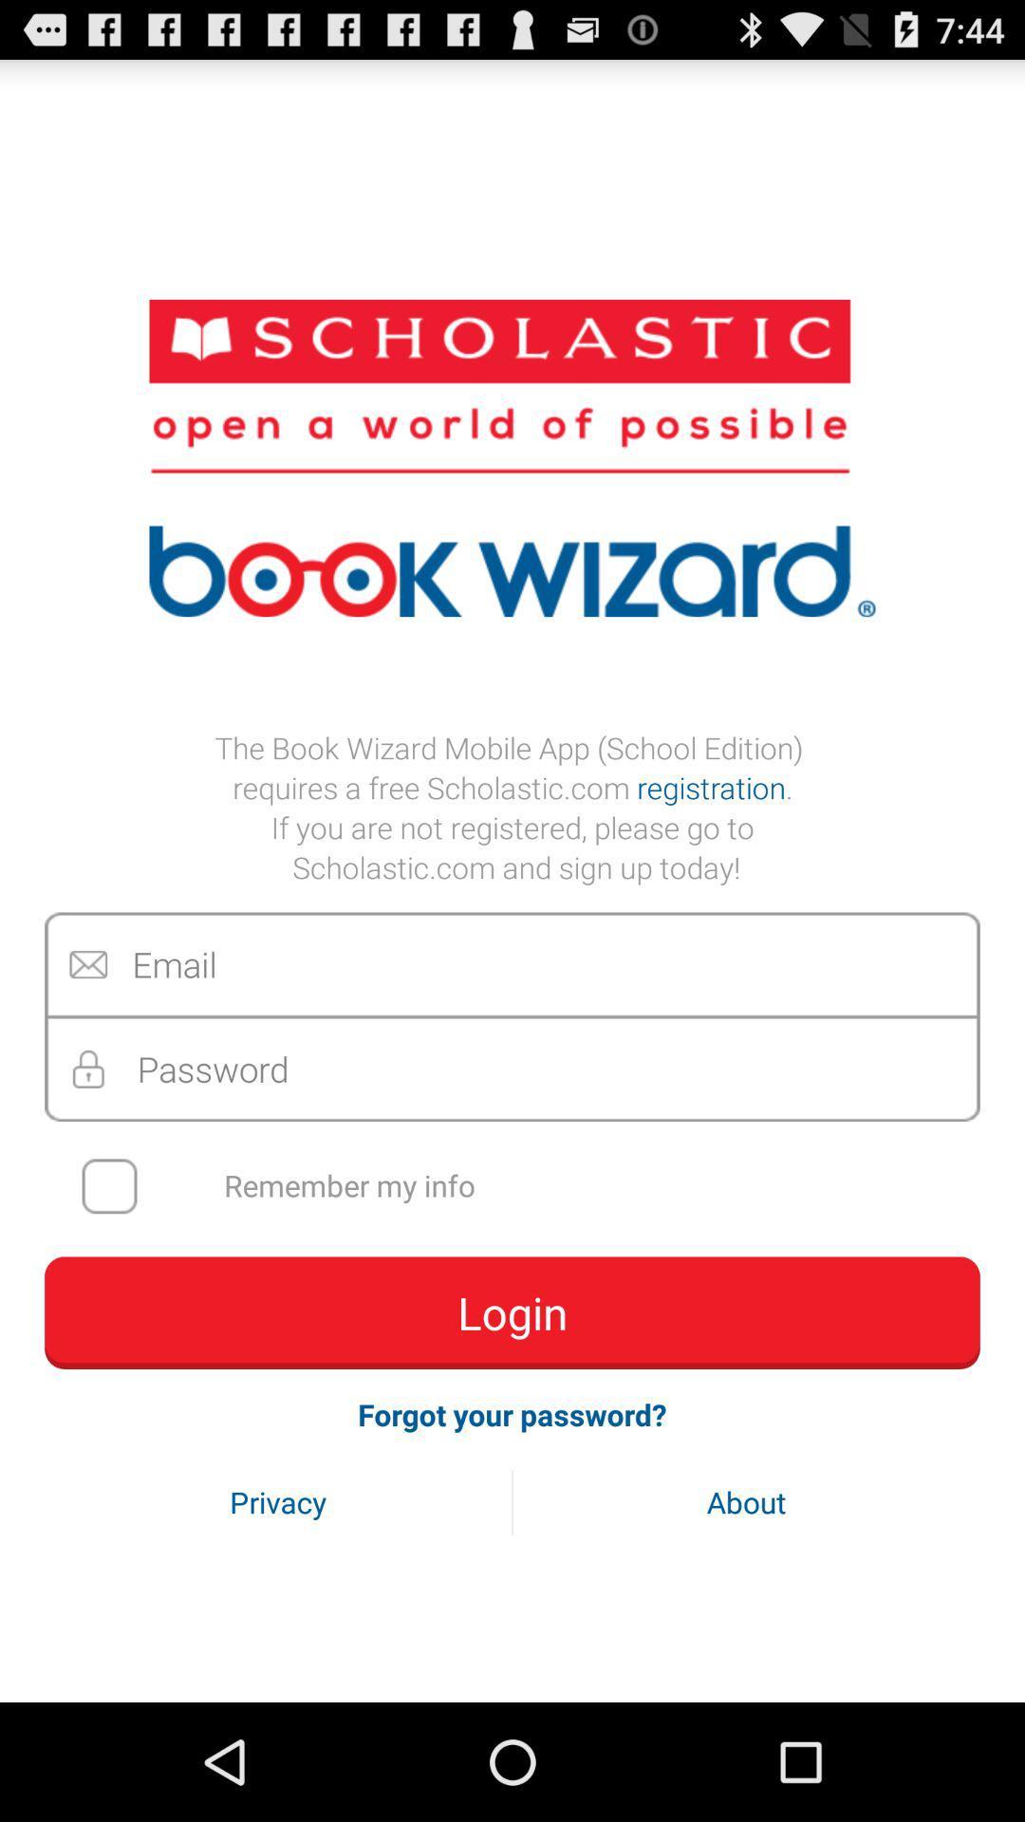 Image resolution: width=1025 pixels, height=1822 pixels. Describe the element at coordinates (525, 1185) in the screenshot. I see `item above the login icon` at that location.